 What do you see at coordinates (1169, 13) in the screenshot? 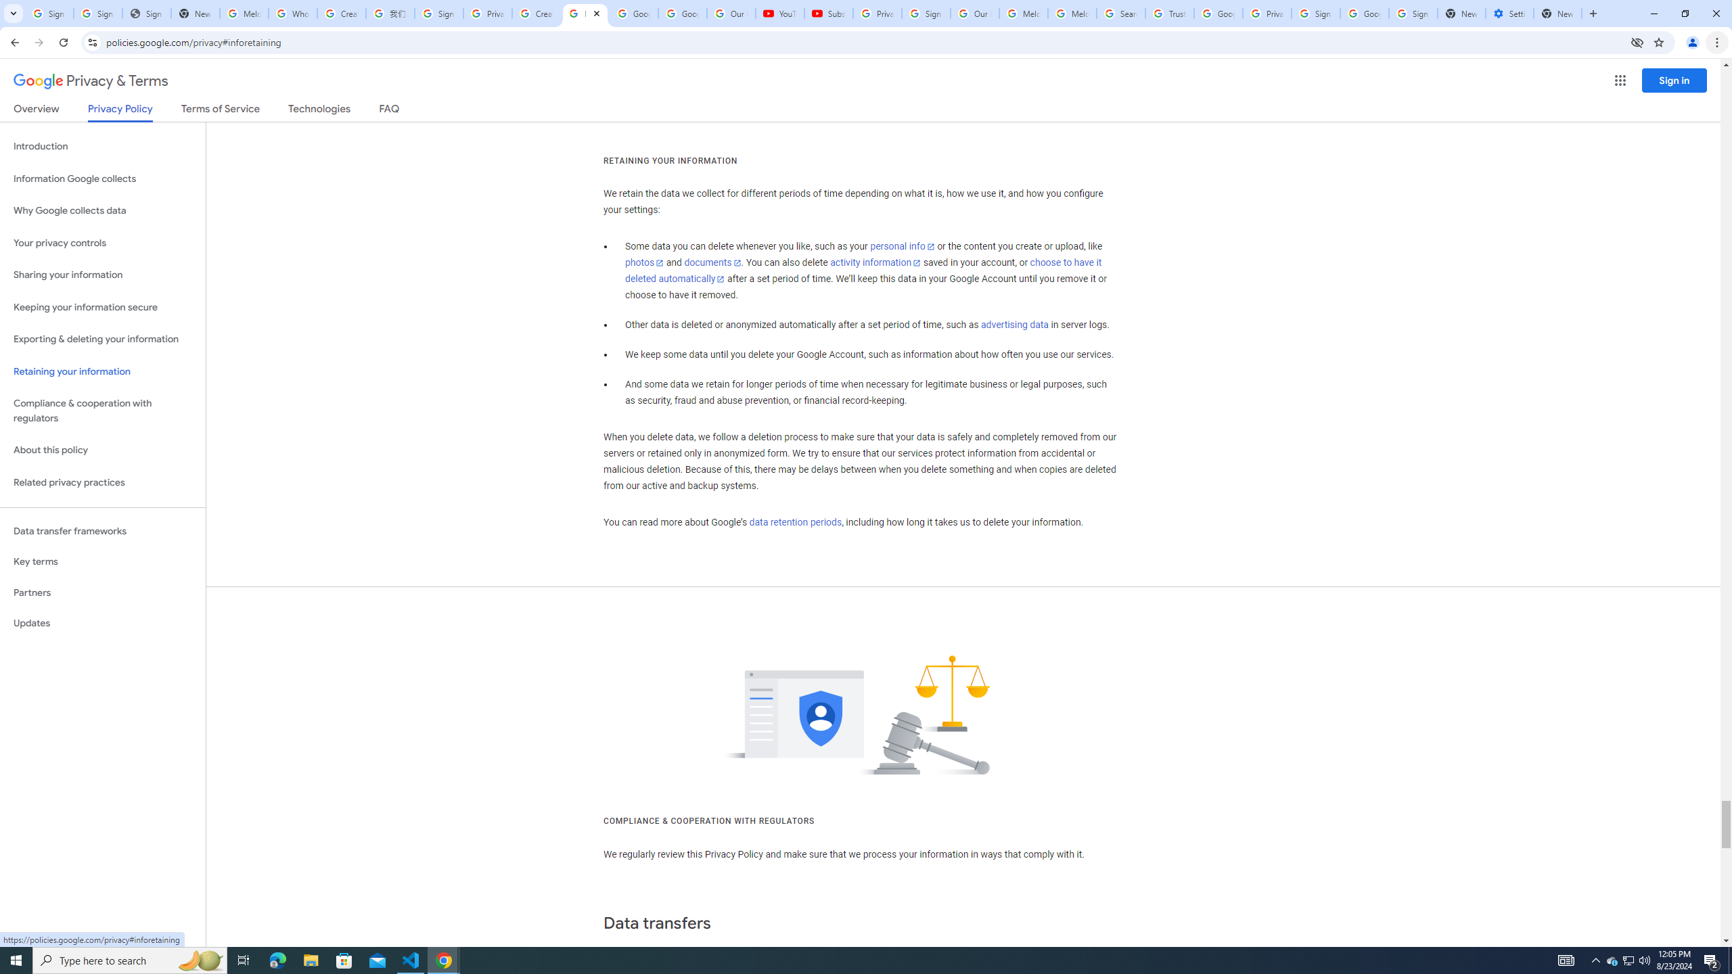
I see `'Trusted Information and Content - Google Safety Center'` at bounding box center [1169, 13].